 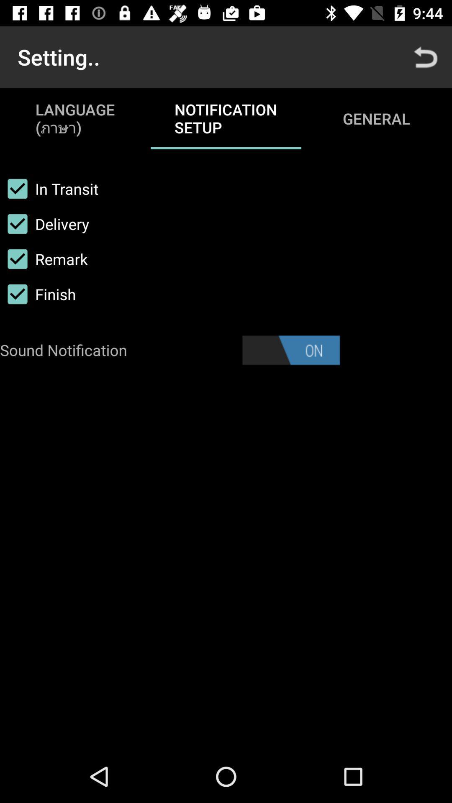 What do you see at coordinates (290, 350) in the screenshot?
I see `sound notifications` at bounding box center [290, 350].